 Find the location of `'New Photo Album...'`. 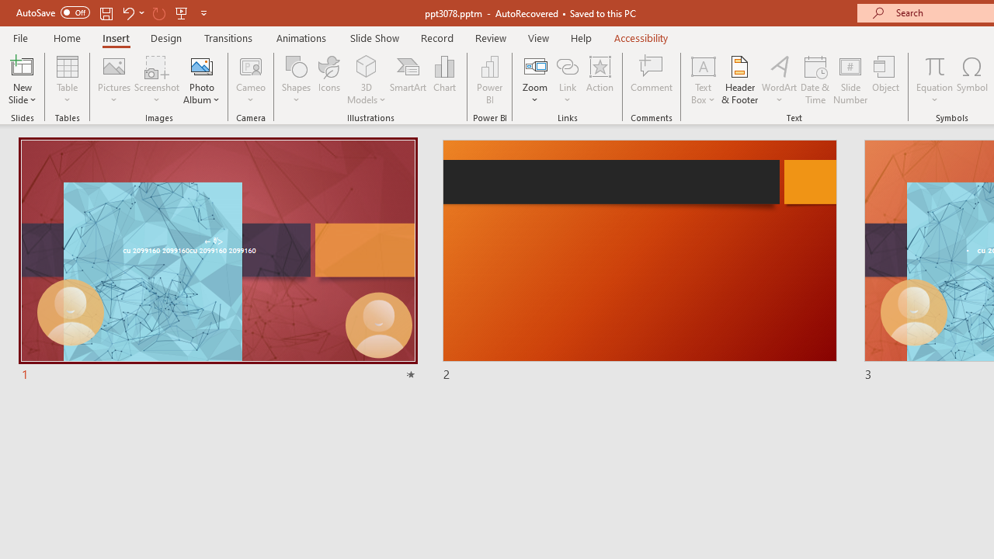

'New Photo Album...' is located at coordinates (200, 65).